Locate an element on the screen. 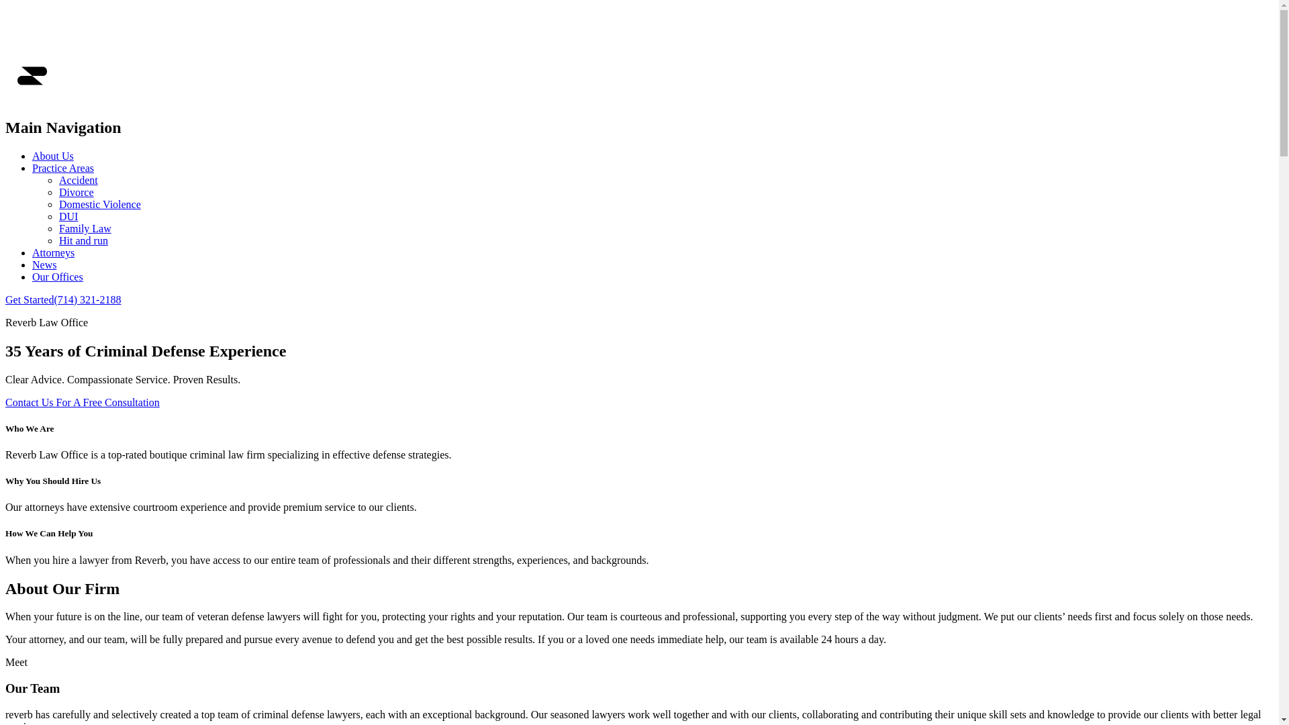  'About Us' is located at coordinates (52, 155).